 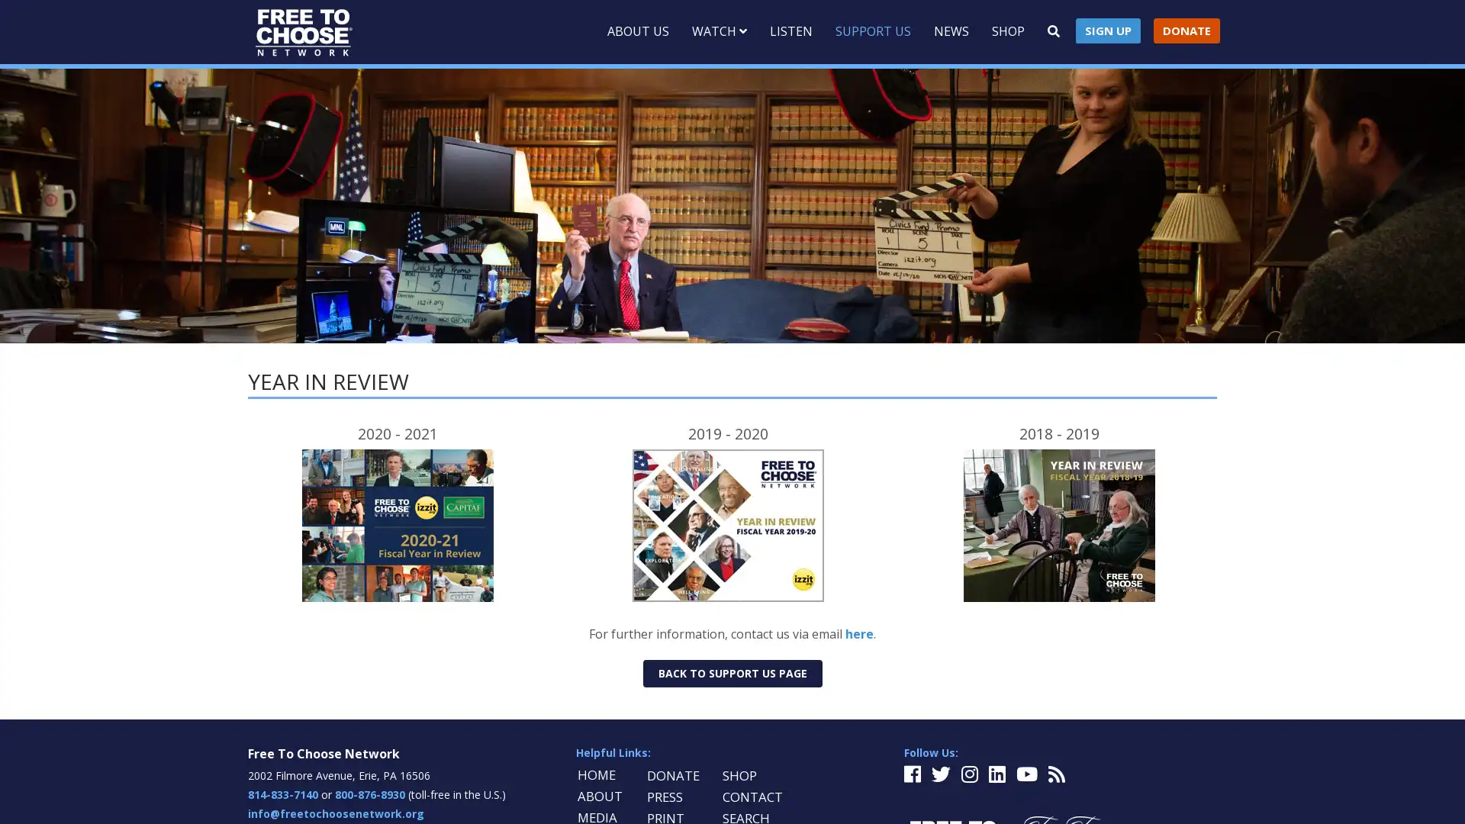 I want to click on BACK TO SUPPORT US PAGE, so click(x=731, y=672).